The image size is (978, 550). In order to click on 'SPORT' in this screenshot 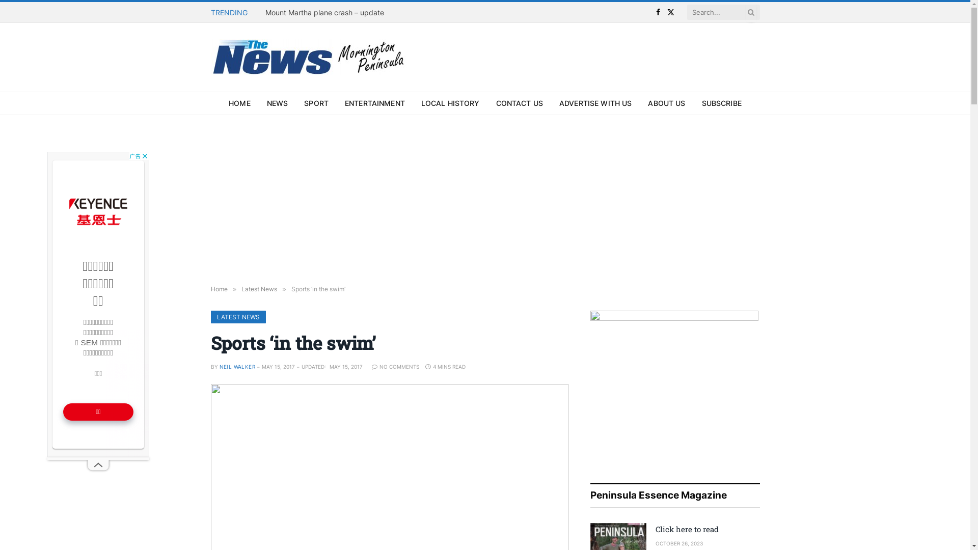, I will do `click(315, 103)`.